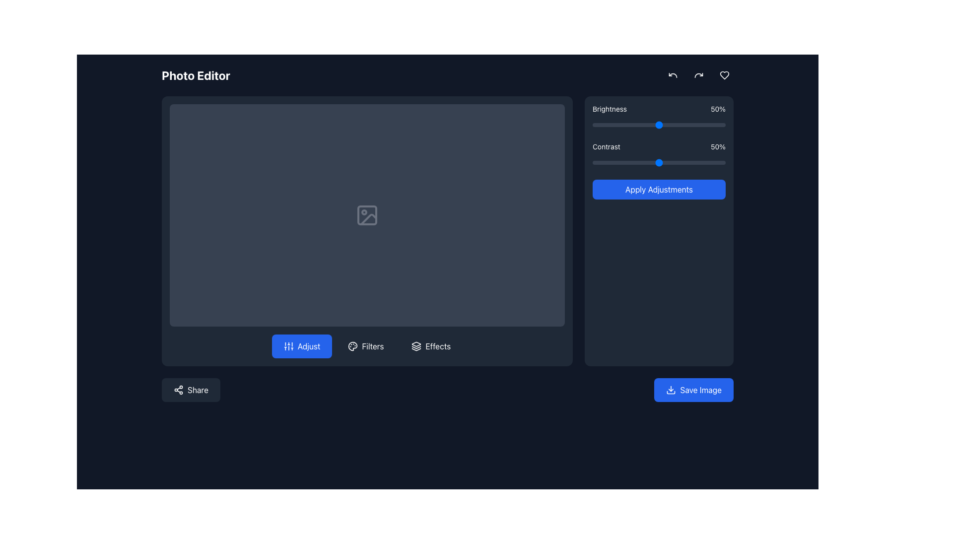 This screenshot has width=953, height=536. Describe the element at coordinates (676, 124) in the screenshot. I see `brightness` at that location.